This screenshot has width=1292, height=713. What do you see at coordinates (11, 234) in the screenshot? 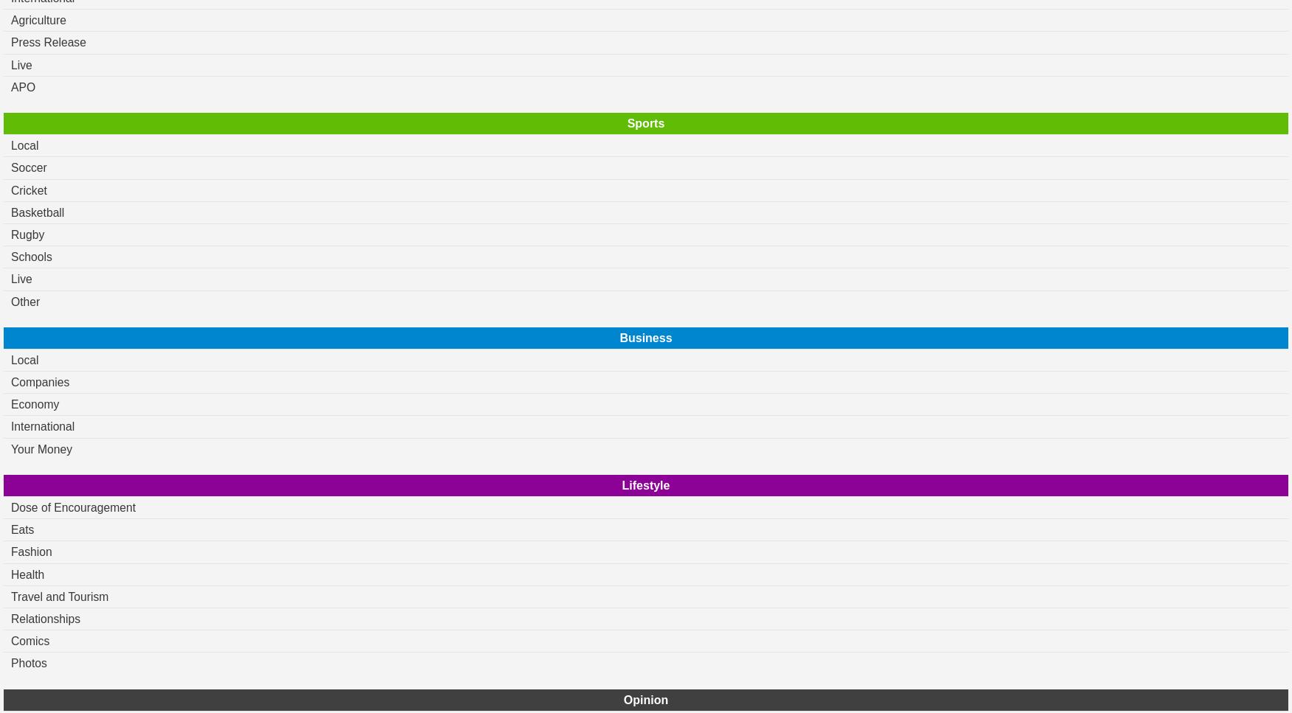
I see `'Rugby'` at bounding box center [11, 234].